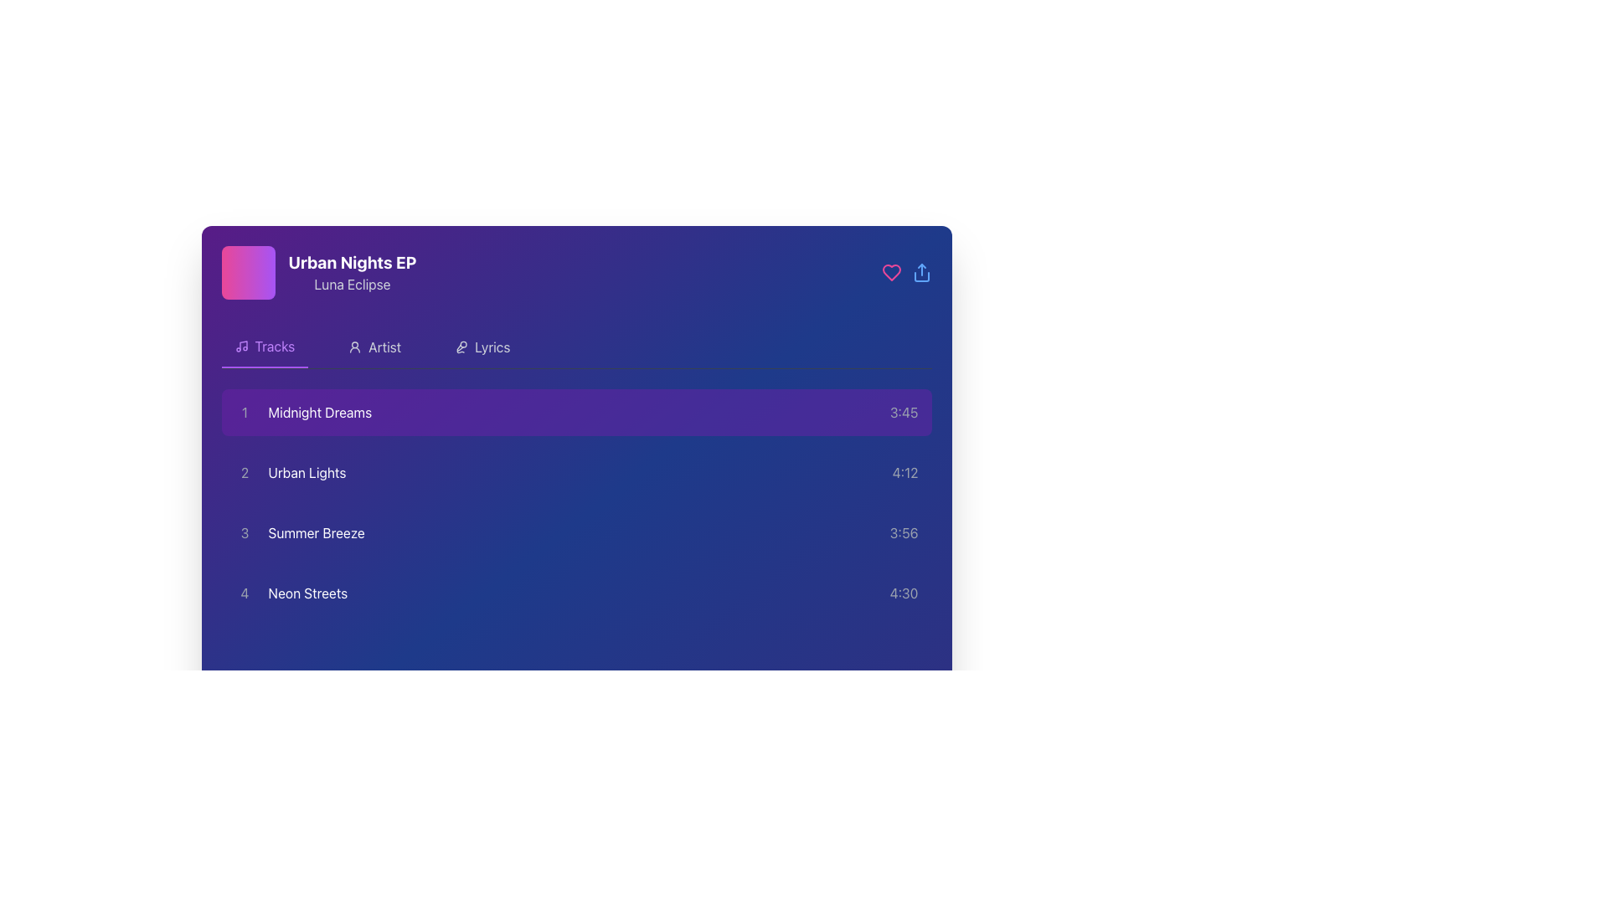 This screenshot has width=1608, height=904. Describe the element at coordinates (576, 472) in the screenshot. I see `the second Button-like list item displaying '2 Urban Lights 4:12'` at that location.